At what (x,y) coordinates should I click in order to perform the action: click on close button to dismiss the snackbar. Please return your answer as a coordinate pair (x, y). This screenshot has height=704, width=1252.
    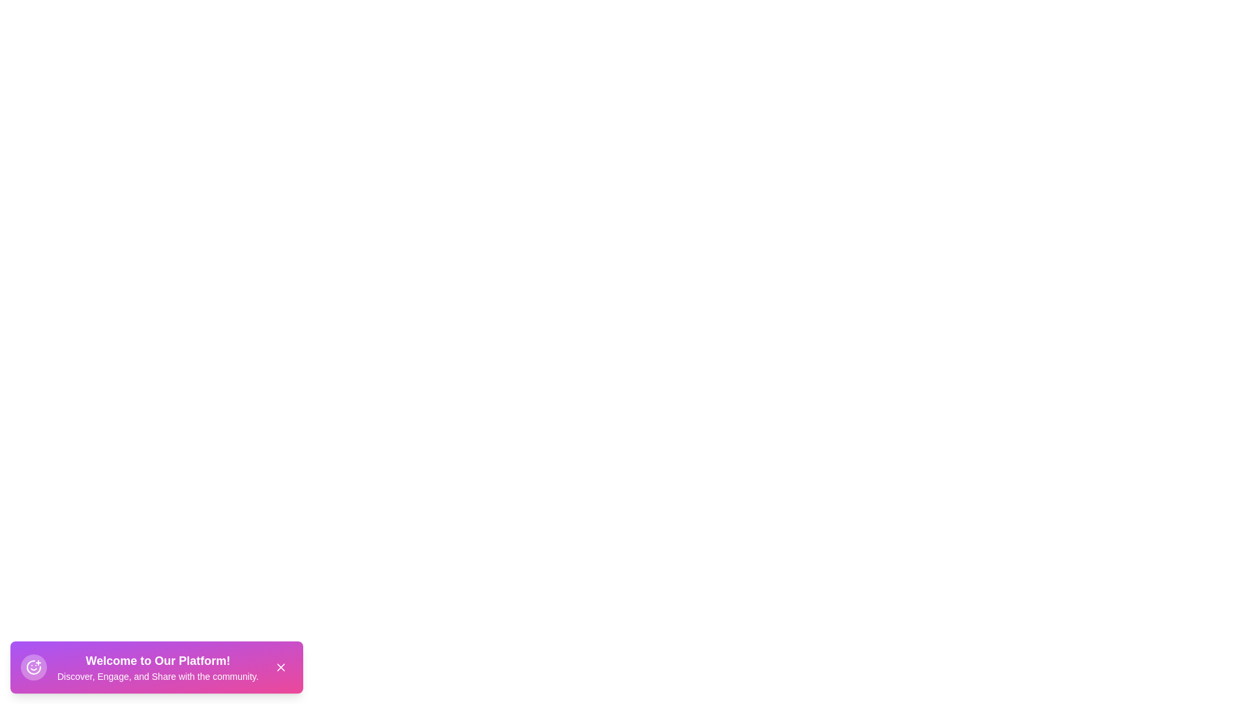
    Looking at the image, I should click on (280, 667).